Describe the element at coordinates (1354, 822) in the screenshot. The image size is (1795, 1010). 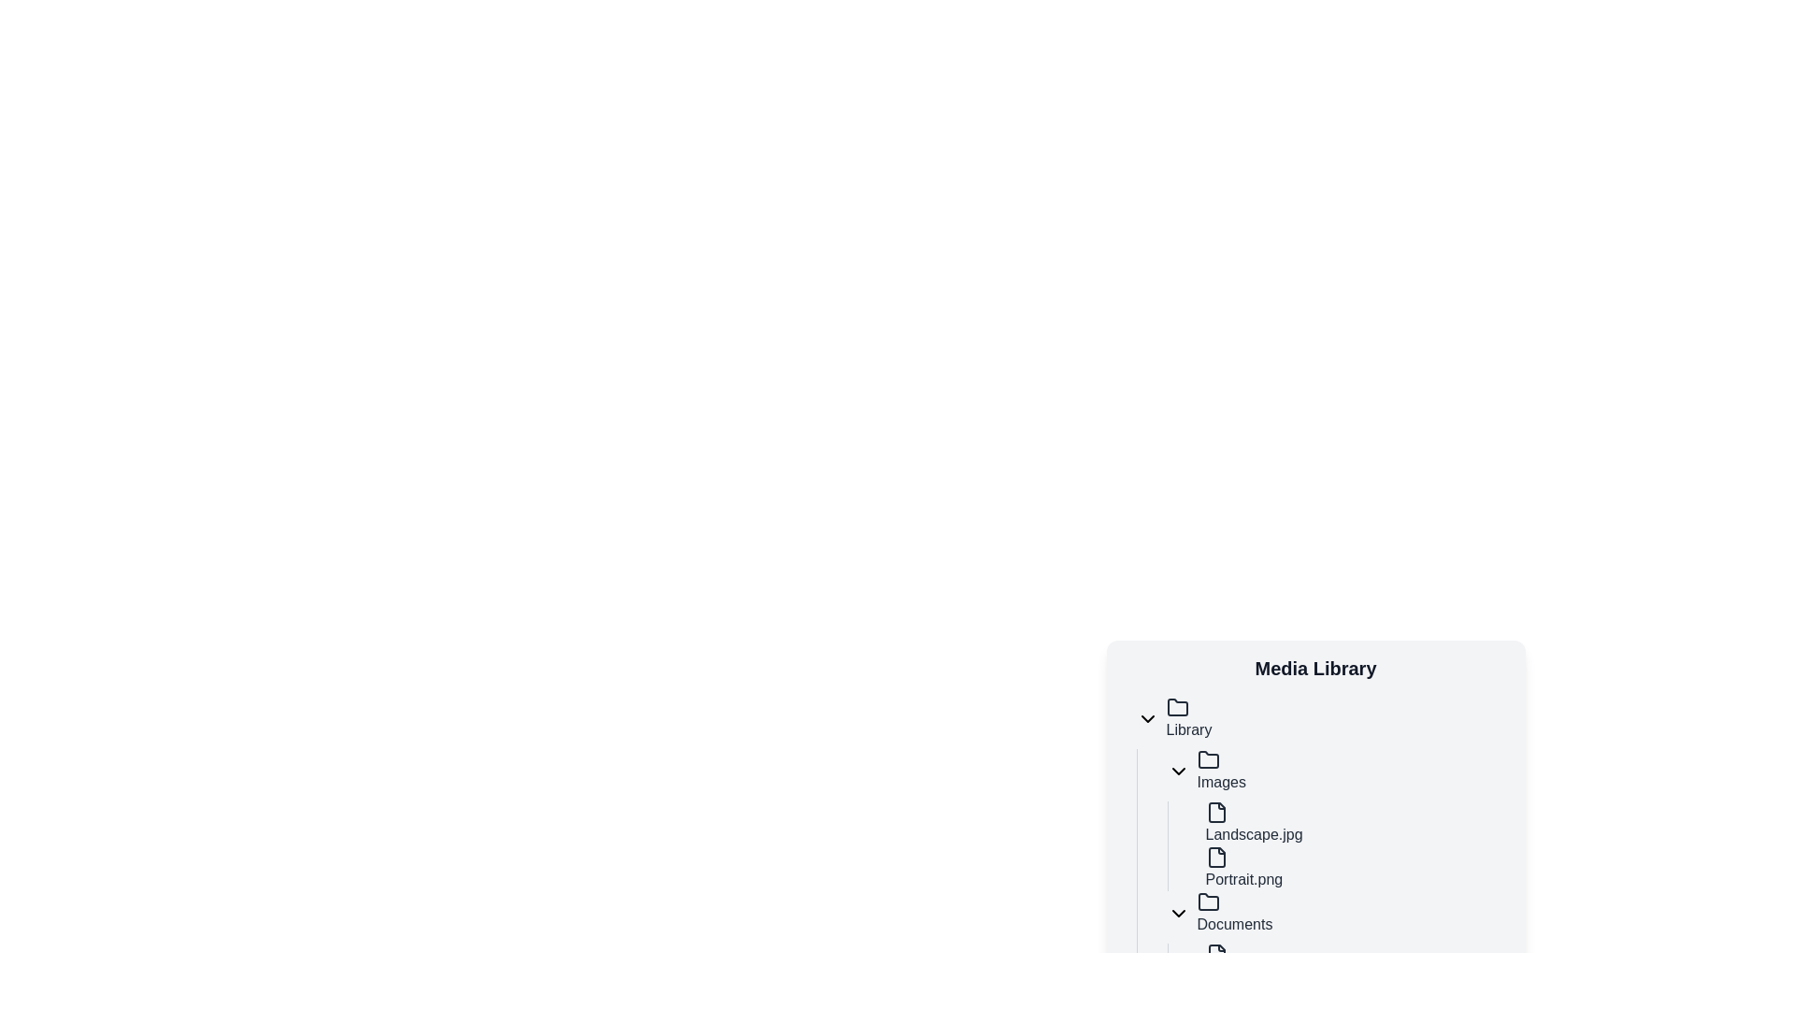
I see `the file entry named 'Landscape.jpg' located under the 'Media Library' panel in the 'Images' directory` at that location.